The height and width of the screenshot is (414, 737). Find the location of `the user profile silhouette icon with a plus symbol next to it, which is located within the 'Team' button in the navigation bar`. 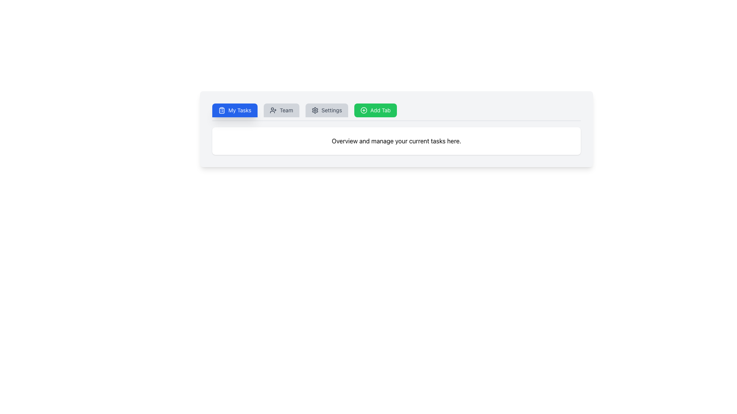

the user profile silhouette icon with a plus symbol next to it, which is located within the 'Team' button in the navigation bar is located at coordinates (273, 110).